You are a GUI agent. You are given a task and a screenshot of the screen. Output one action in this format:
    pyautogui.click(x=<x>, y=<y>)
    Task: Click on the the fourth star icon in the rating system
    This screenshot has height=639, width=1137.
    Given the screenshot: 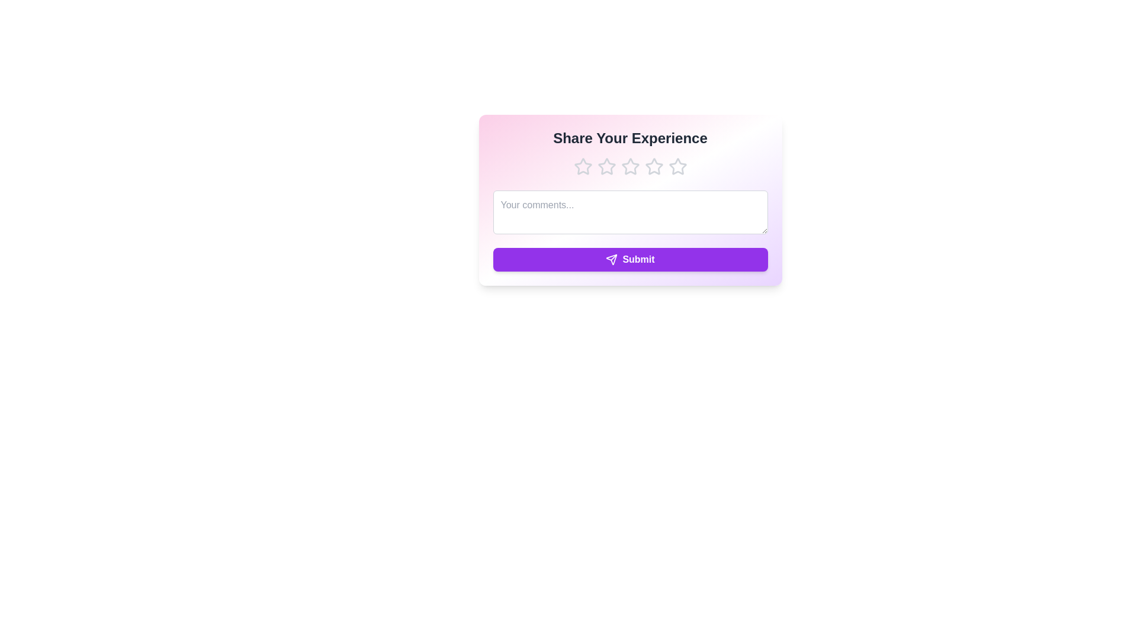 What is the action you would take?
    pyautogui.click(x=677, y=166)
    